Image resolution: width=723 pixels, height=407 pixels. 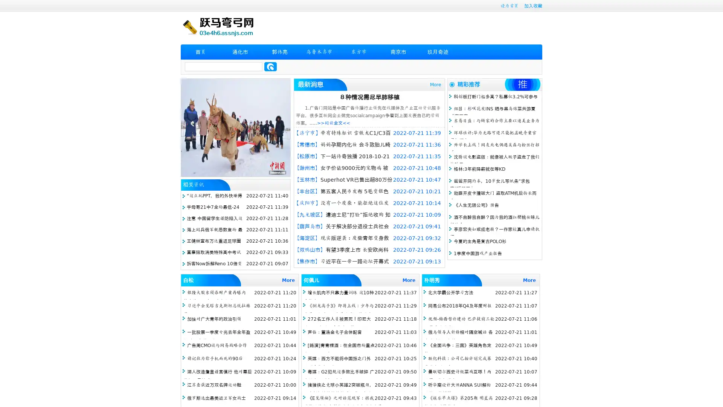 What do you see at coordinates (270, 66) in the screenshot?
I see `Search` at bounding box center [270, 66].